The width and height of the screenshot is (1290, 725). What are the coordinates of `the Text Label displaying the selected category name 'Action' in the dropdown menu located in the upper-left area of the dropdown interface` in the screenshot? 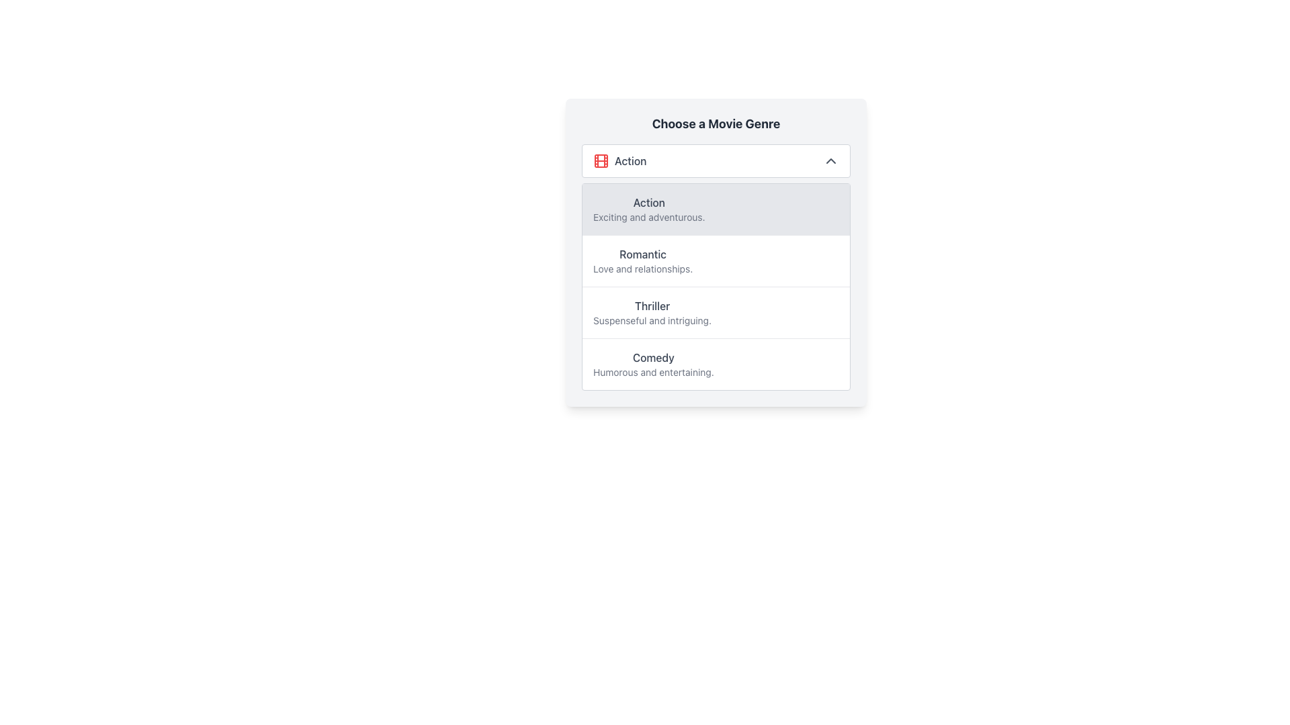 It's located at (630, 160).